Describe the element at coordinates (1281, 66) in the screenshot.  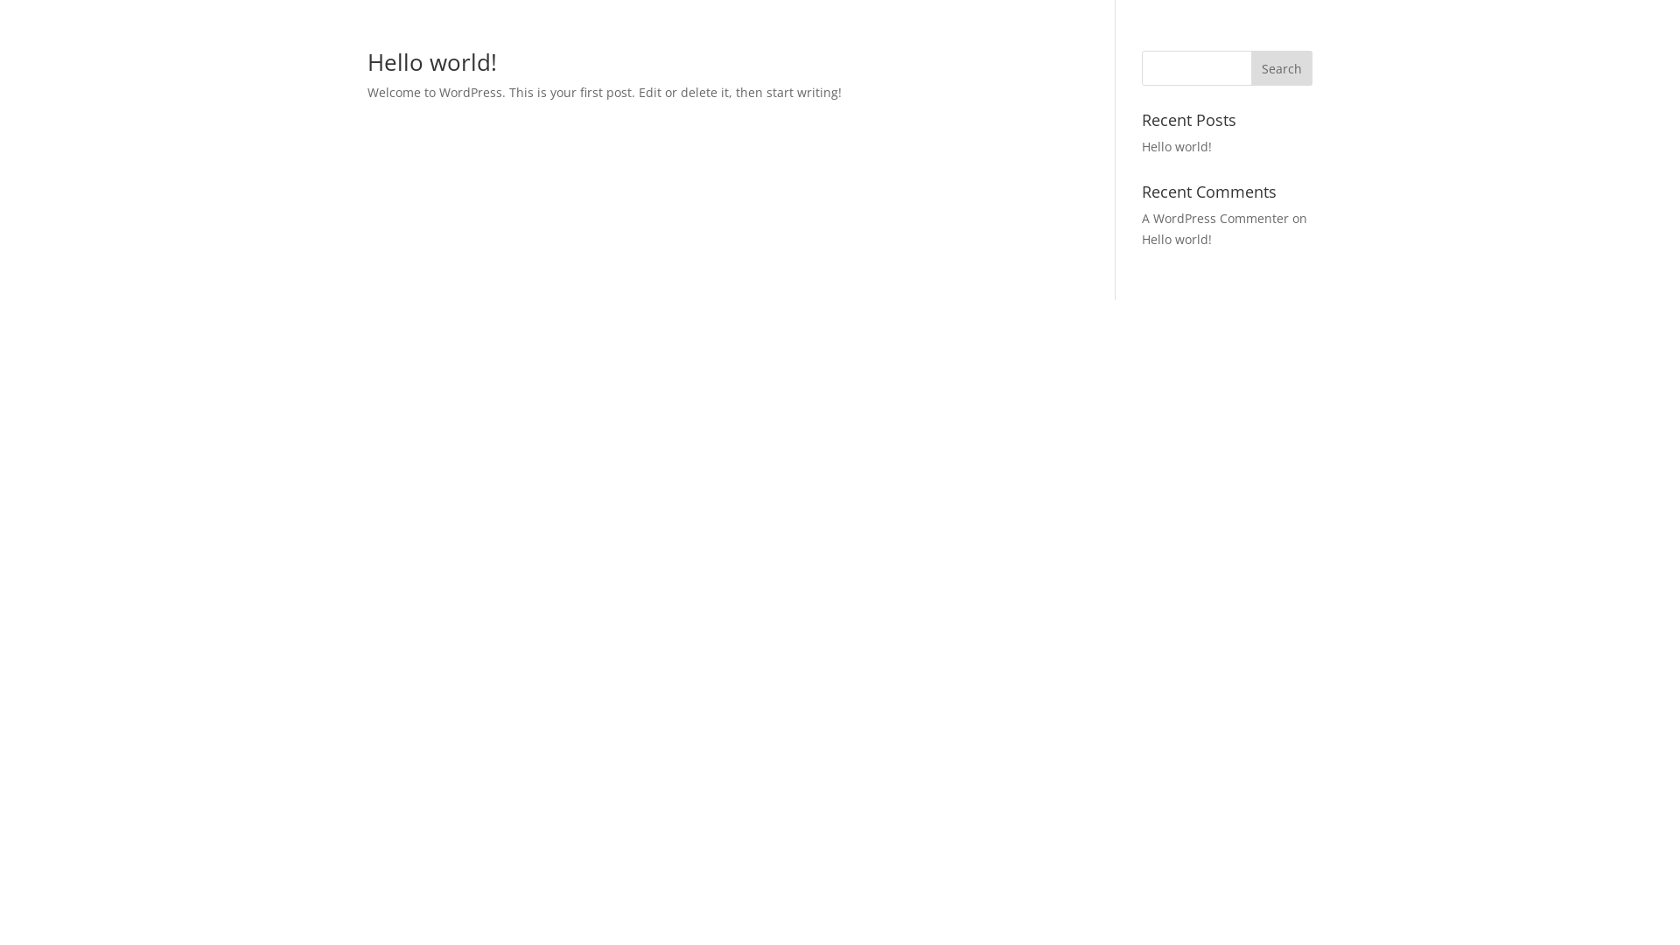
I see `'Search'` at that location.